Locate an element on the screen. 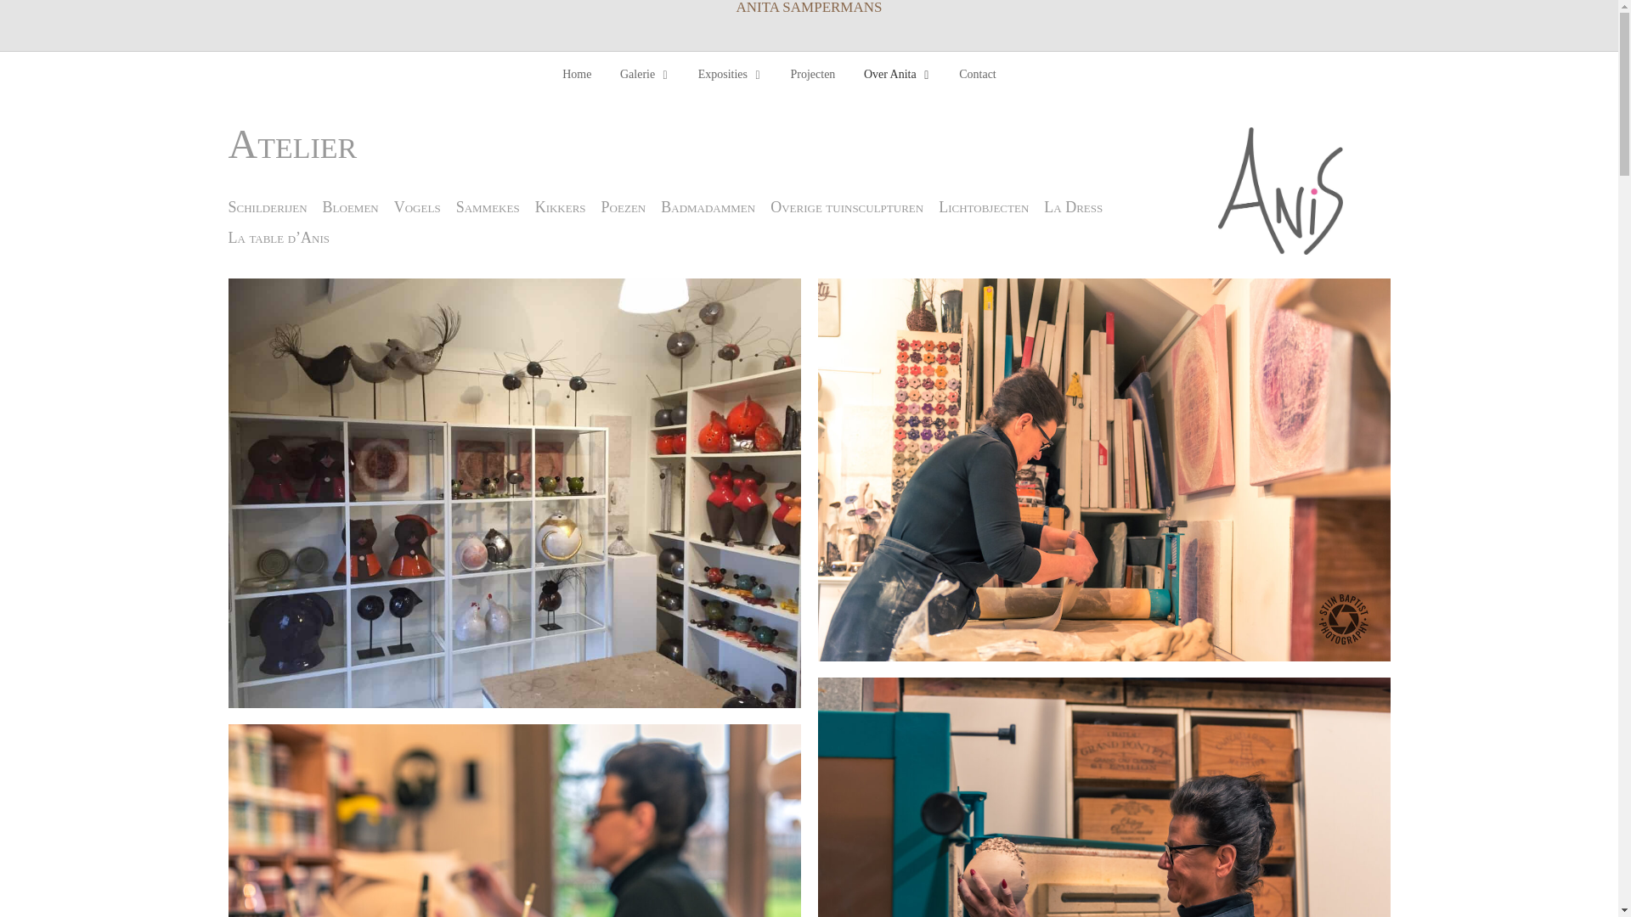 The image size is (1631, 917). 'Projecten' is located at coordinates (812, 74).